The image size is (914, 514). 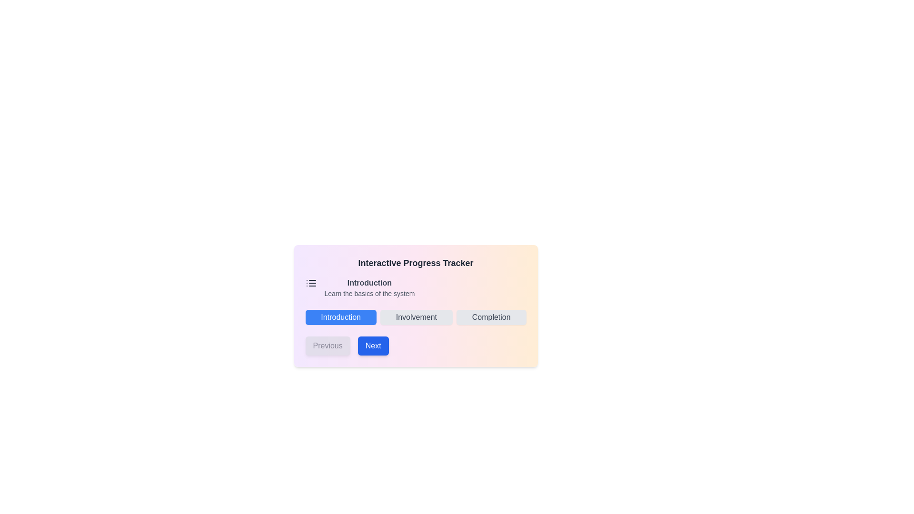 I want to click on the second button in the navigation control bar at the bottom center of the interface to proceed to the next page, so click(x=372, y=346).